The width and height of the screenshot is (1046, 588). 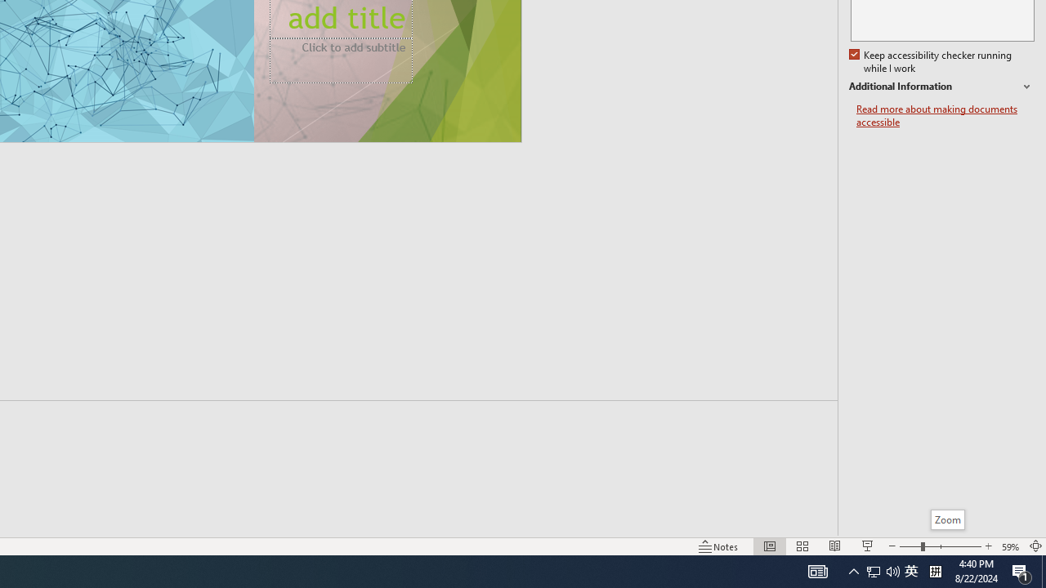 I want to click on 'Zoom 59%', so click(x=1010, y=546).